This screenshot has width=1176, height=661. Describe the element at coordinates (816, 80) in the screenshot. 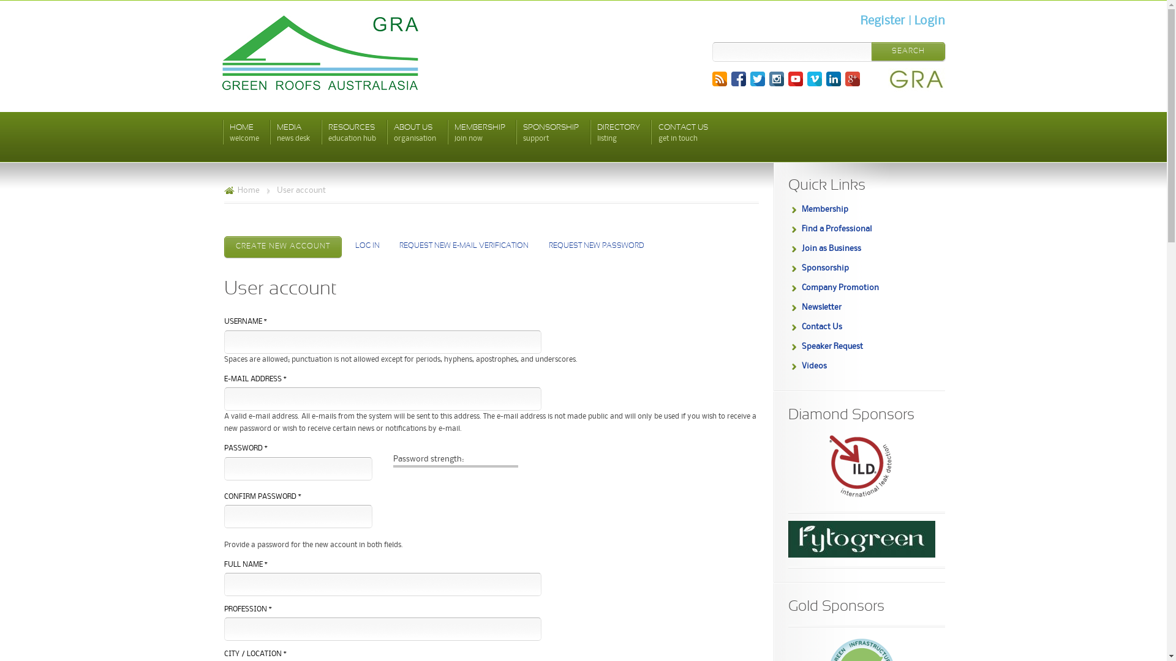

I see `'Vimeo'` at that location.